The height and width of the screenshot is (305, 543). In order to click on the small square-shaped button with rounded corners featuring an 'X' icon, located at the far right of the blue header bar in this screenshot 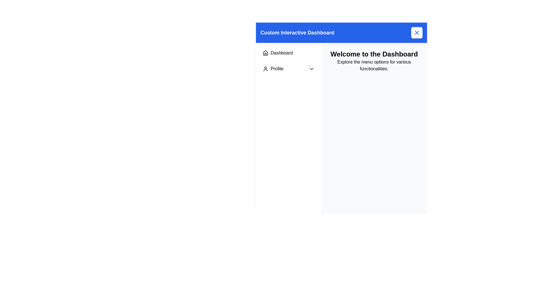, I will do `click(417, 32)`.